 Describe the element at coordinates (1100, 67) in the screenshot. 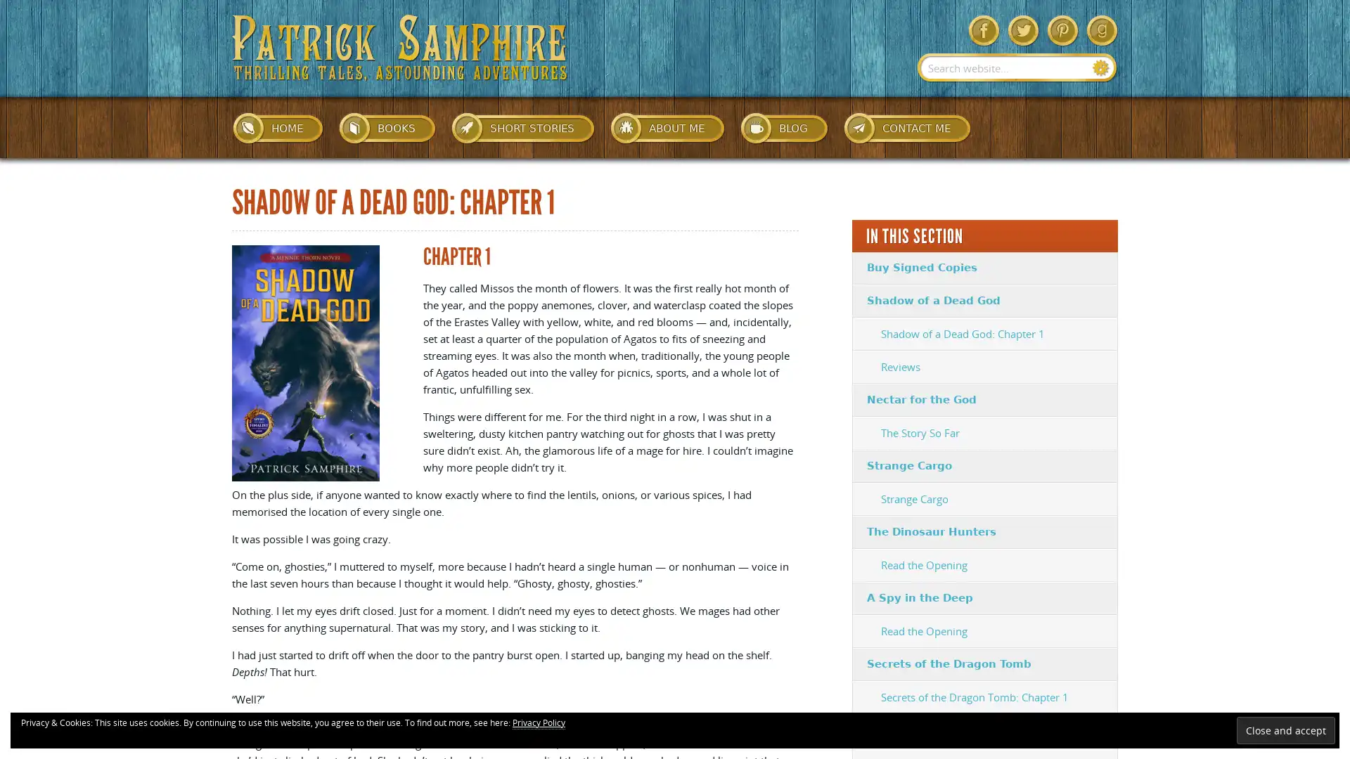

I see `Search` at that location.